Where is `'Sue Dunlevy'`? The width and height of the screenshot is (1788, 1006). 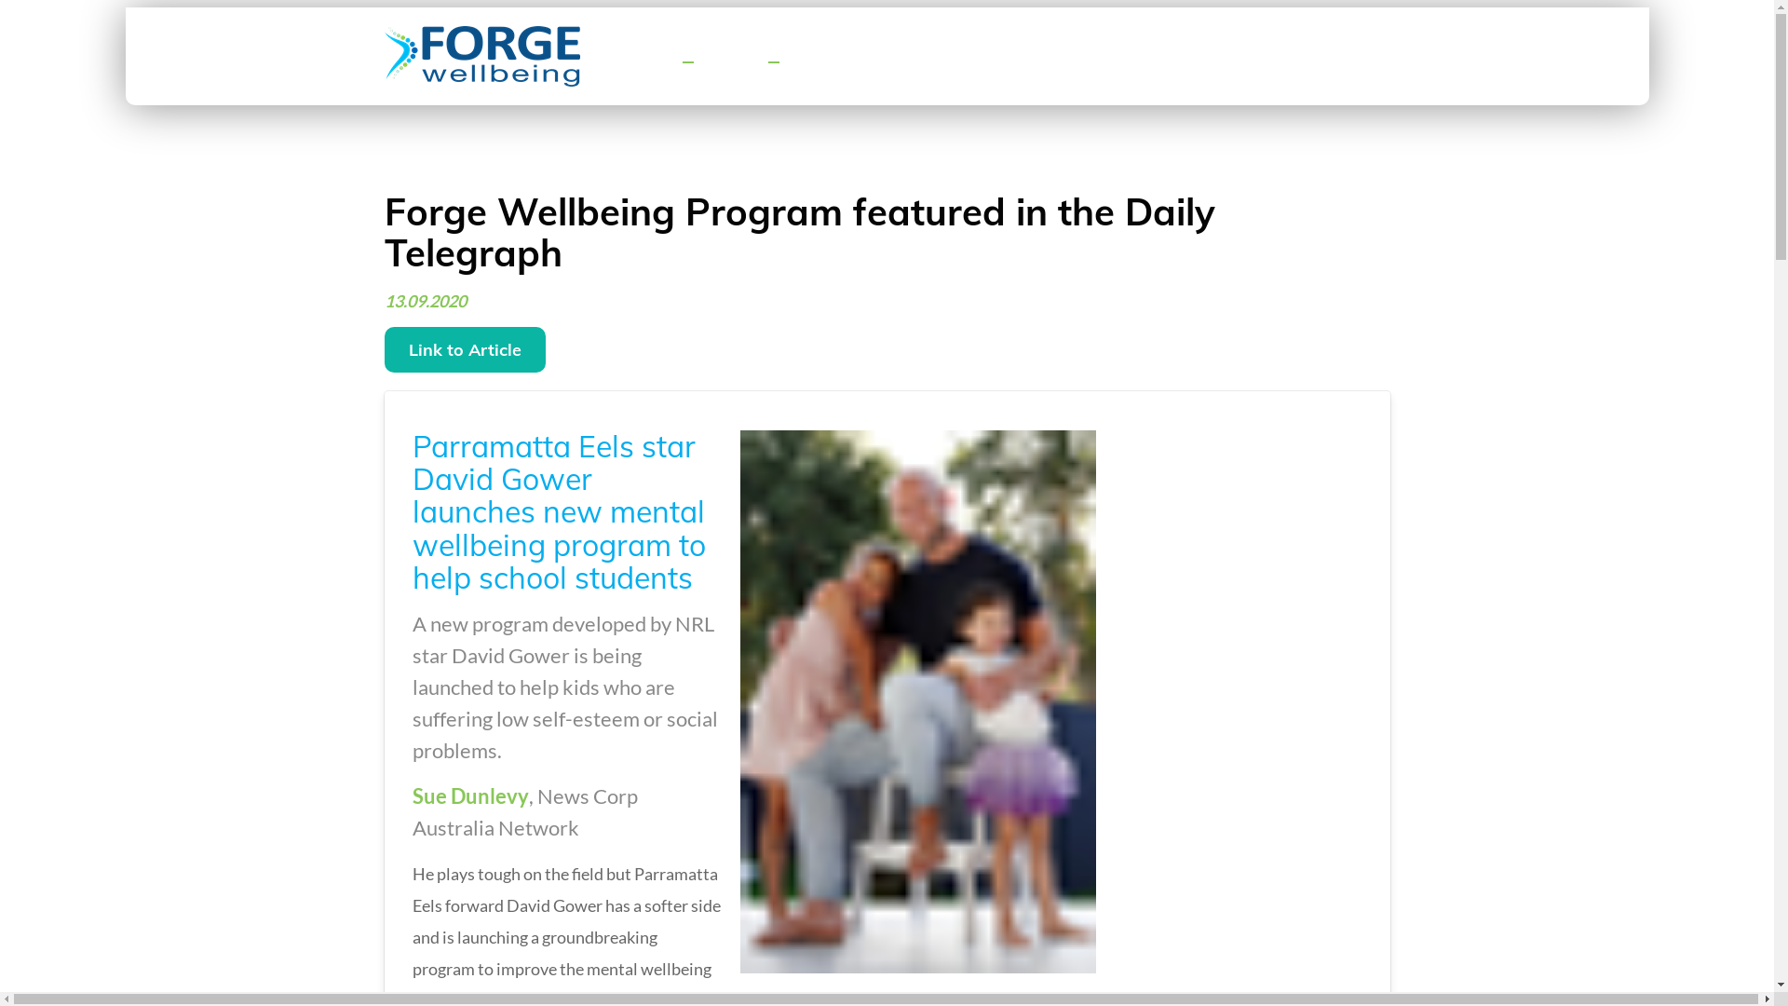 'Sue Dunlevy' is located at coordinates (469, 795).